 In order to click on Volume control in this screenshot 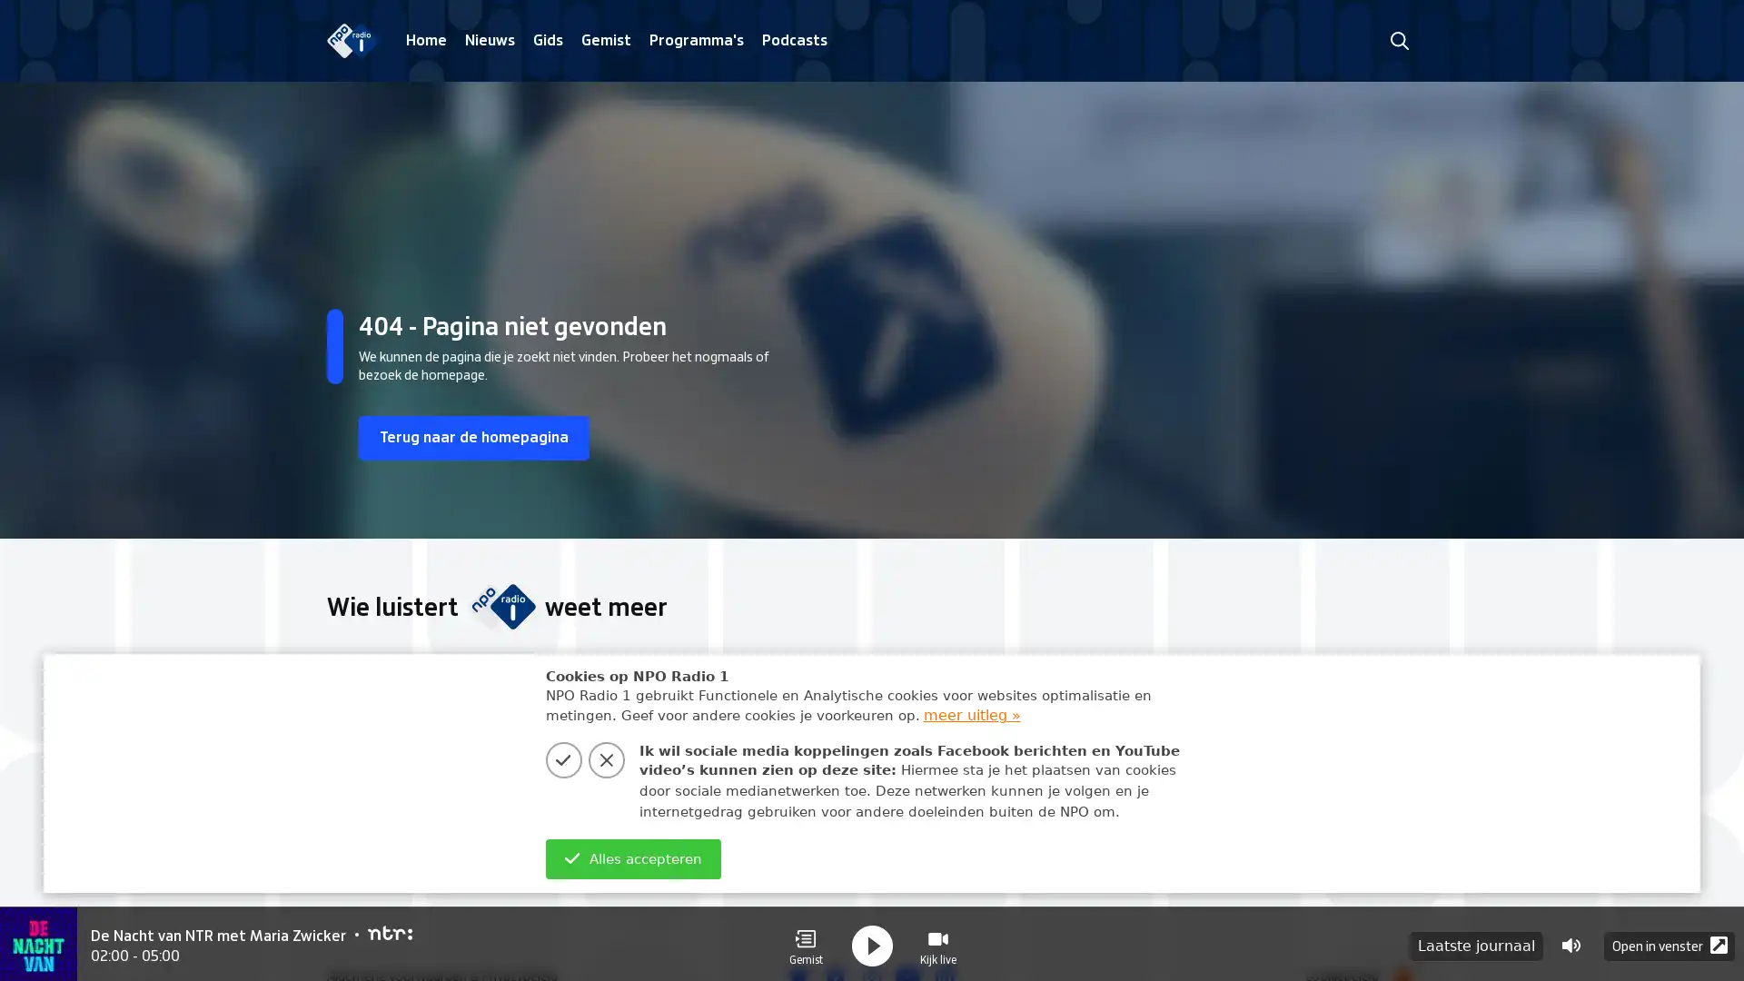, I will do `click(1570, 941)`.